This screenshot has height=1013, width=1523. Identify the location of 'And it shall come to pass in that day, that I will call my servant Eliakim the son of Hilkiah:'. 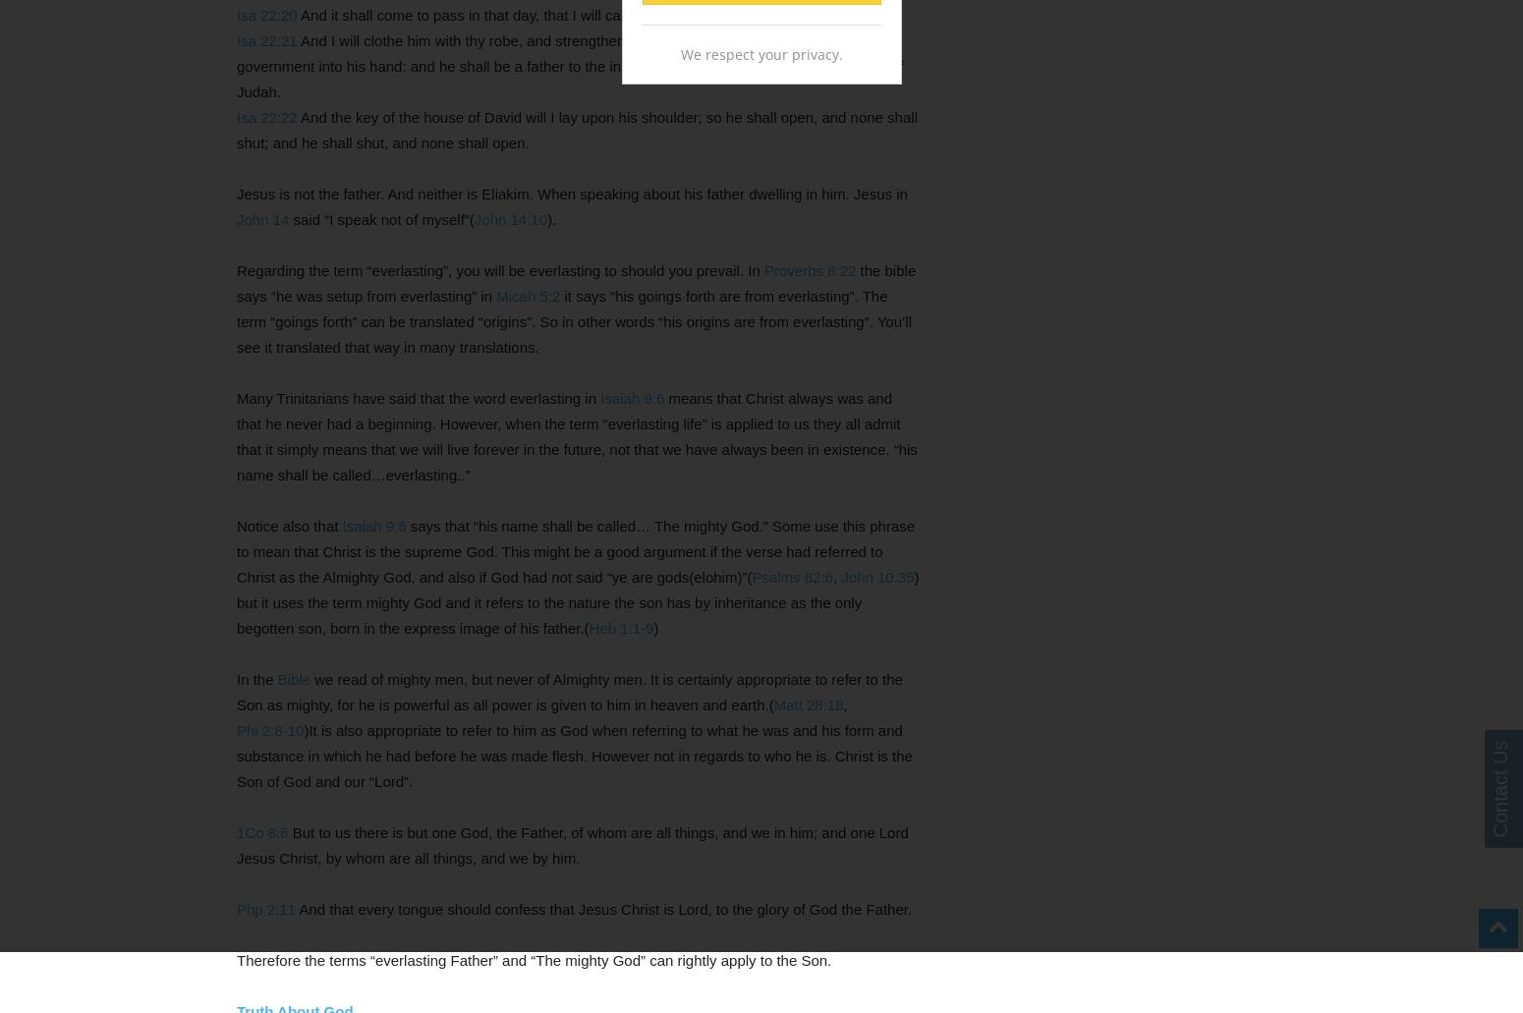
(586, 15).